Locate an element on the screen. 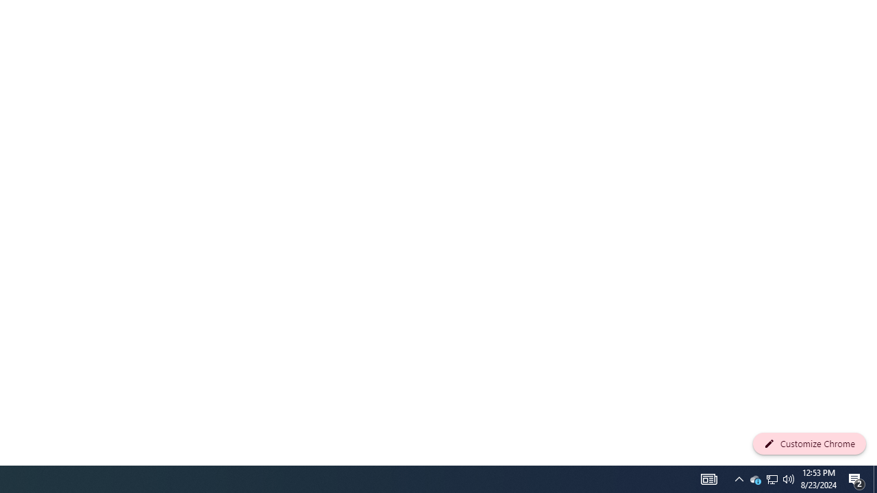 The image size is (877, 493). 'Q2790: 100%' is located at coordinates (772, 478).